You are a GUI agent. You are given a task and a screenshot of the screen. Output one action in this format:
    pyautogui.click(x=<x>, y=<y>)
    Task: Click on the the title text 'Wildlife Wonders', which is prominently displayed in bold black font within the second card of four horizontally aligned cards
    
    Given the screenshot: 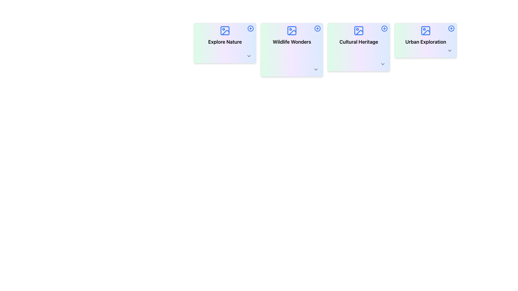 What is the action you would take?
    pyautogui.click(x=291, y=41)
    